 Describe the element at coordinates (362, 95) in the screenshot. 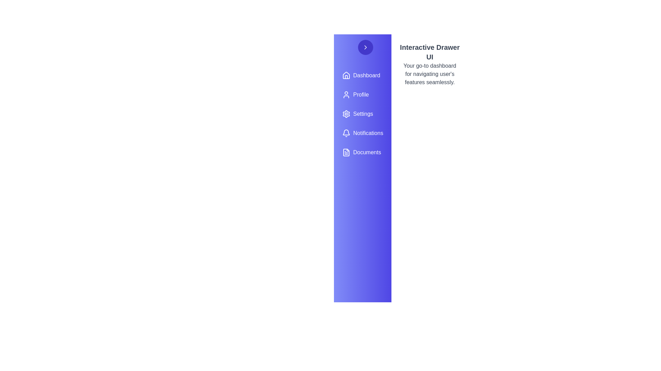

I see `the menu item labeled Profile` at that location.